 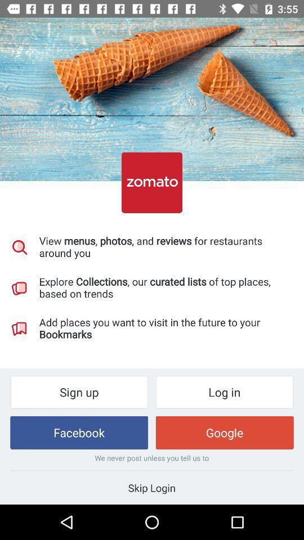 What do you see at coordinates (225, 432) in the screenshot?
I see `icon above we never post item` at bounding box center [225, 432].